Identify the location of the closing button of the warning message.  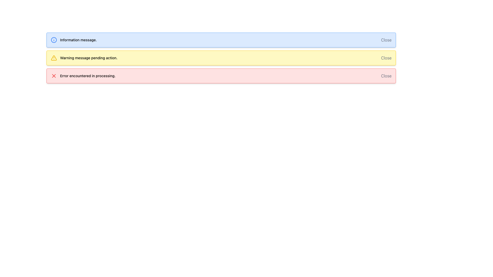
(386, 58).